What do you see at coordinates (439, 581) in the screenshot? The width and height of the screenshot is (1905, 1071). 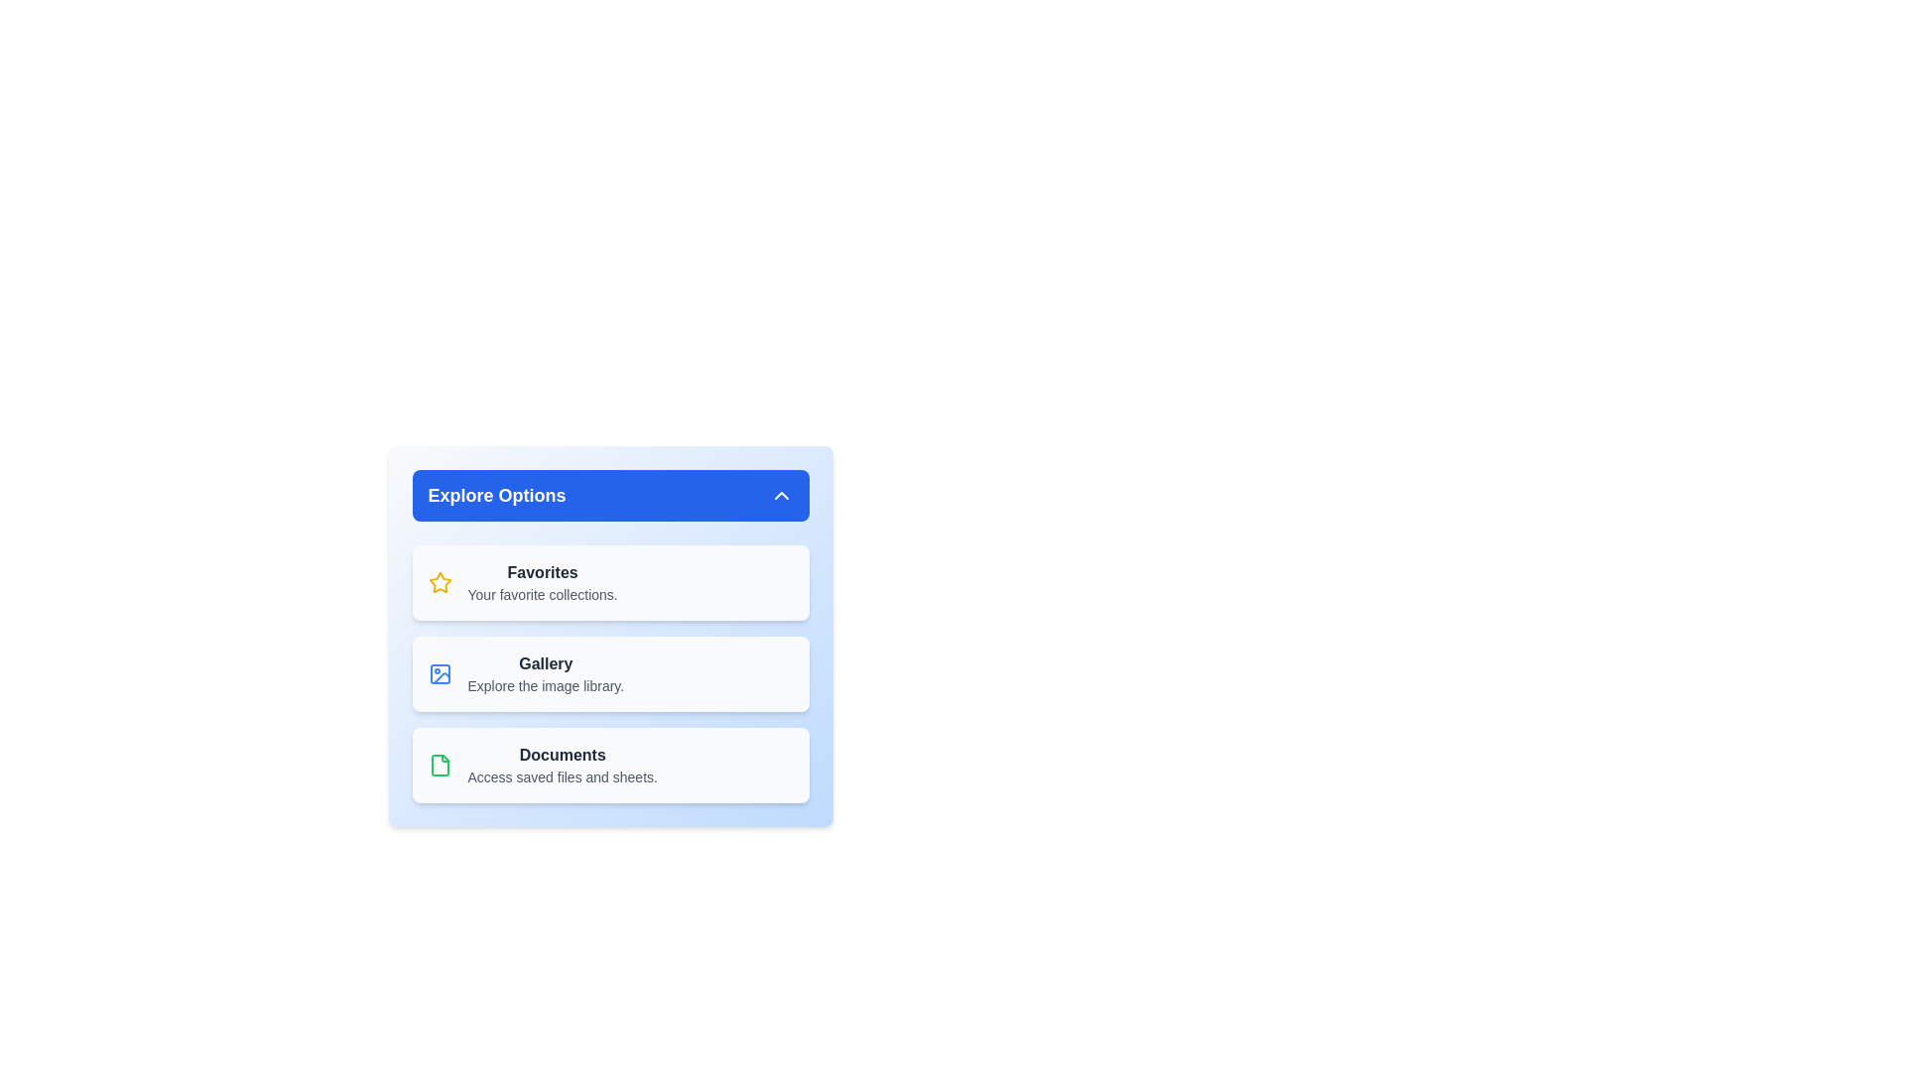 I see `the star icon representing the 'Favorites' section, located in the navigation panel under 'Explore Options', to the left of the 'Favorites' text` at bounding box center [439, 581].